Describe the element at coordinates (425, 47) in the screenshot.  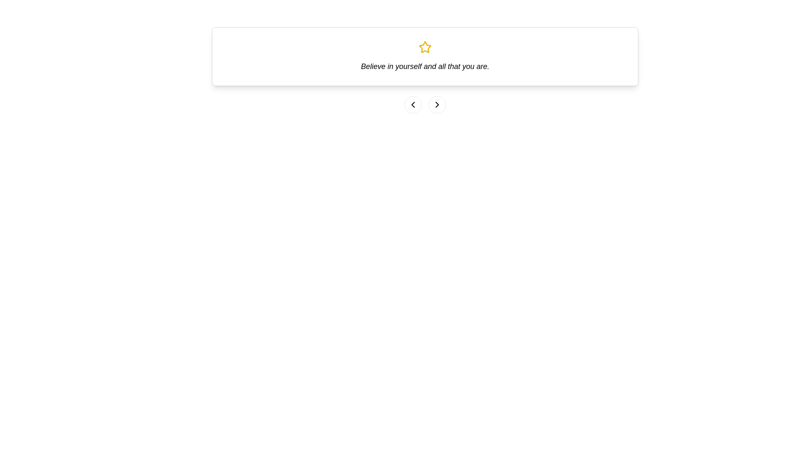
I see `the decorative icon located above the text 'Believe in yourself and all that you are.'` at that location.